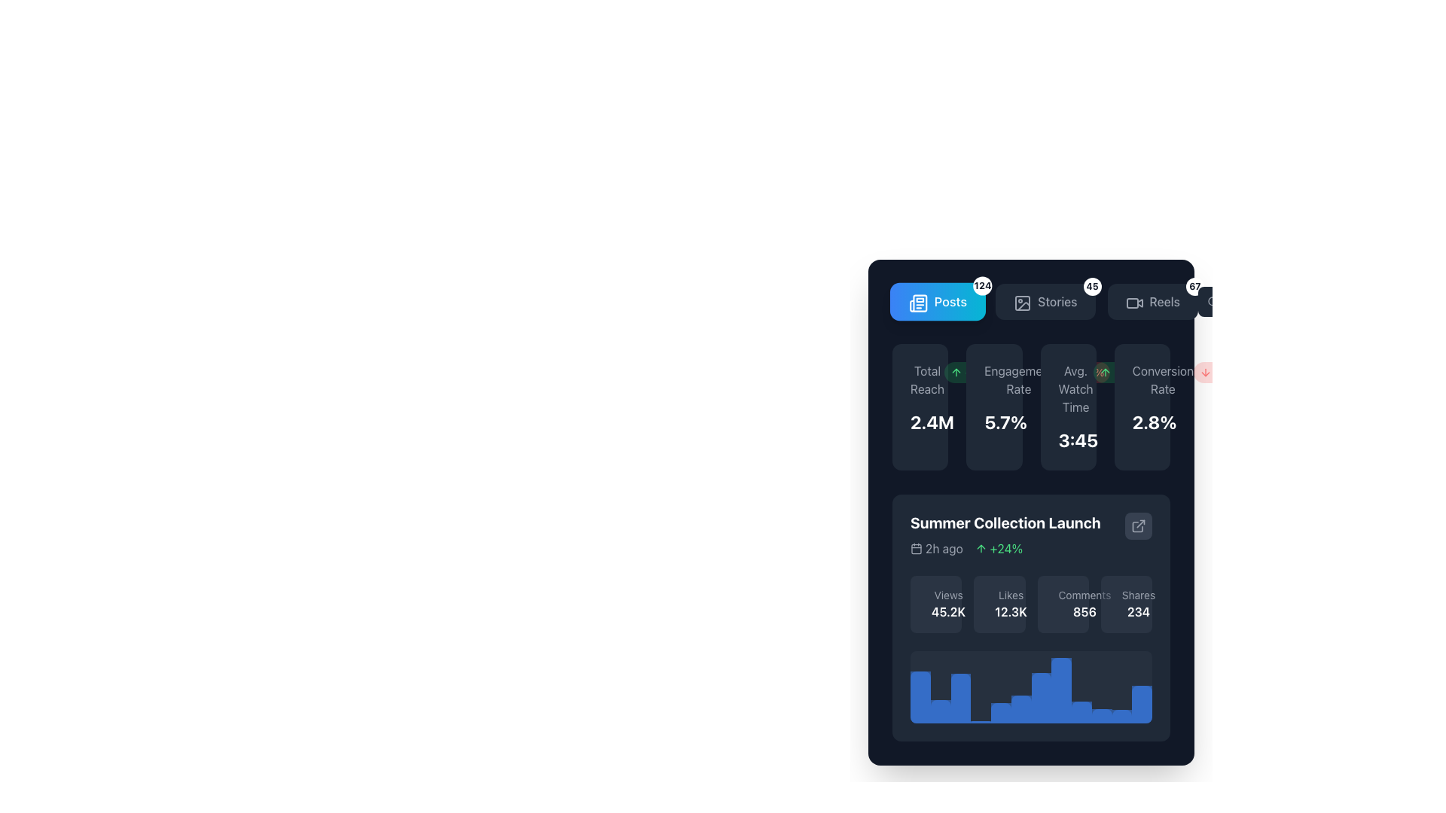  Describe the element at coordinates (935, 549) in the screenshot. I see `the text component displaying '2h ago', which is styled in light gray and located under the 'Summer Collection Launch' section` at that location.